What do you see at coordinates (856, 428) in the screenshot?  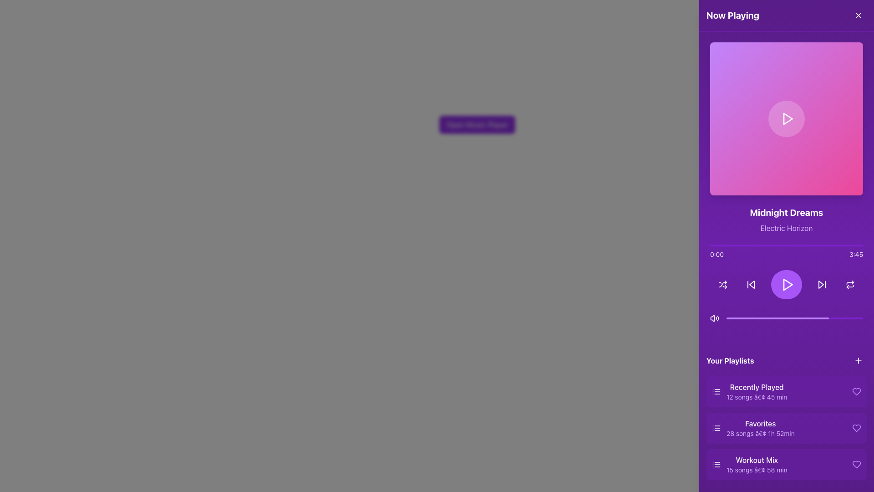 I see `the heart-shaped icon with a hollow outline styled in purple located` at bounding box center [856, 428].